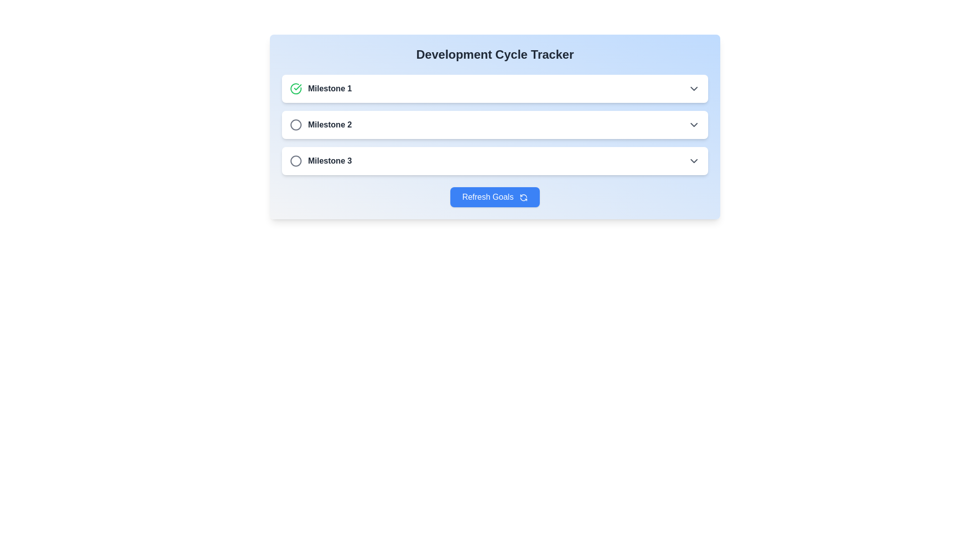 The width and height of the screenshot is (965, 542). Describe the element at coordinates (296, 124) in the screenshot. I see `the decorative icon at the left end of the row labeled 'Milestone 2', which is the second item in the vertical list` at that location.